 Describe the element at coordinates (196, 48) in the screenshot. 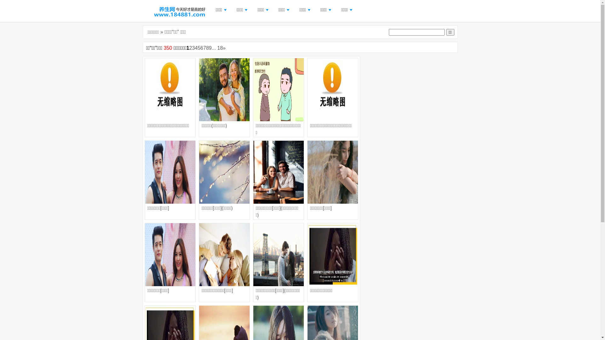

I see `'4'` at that location.